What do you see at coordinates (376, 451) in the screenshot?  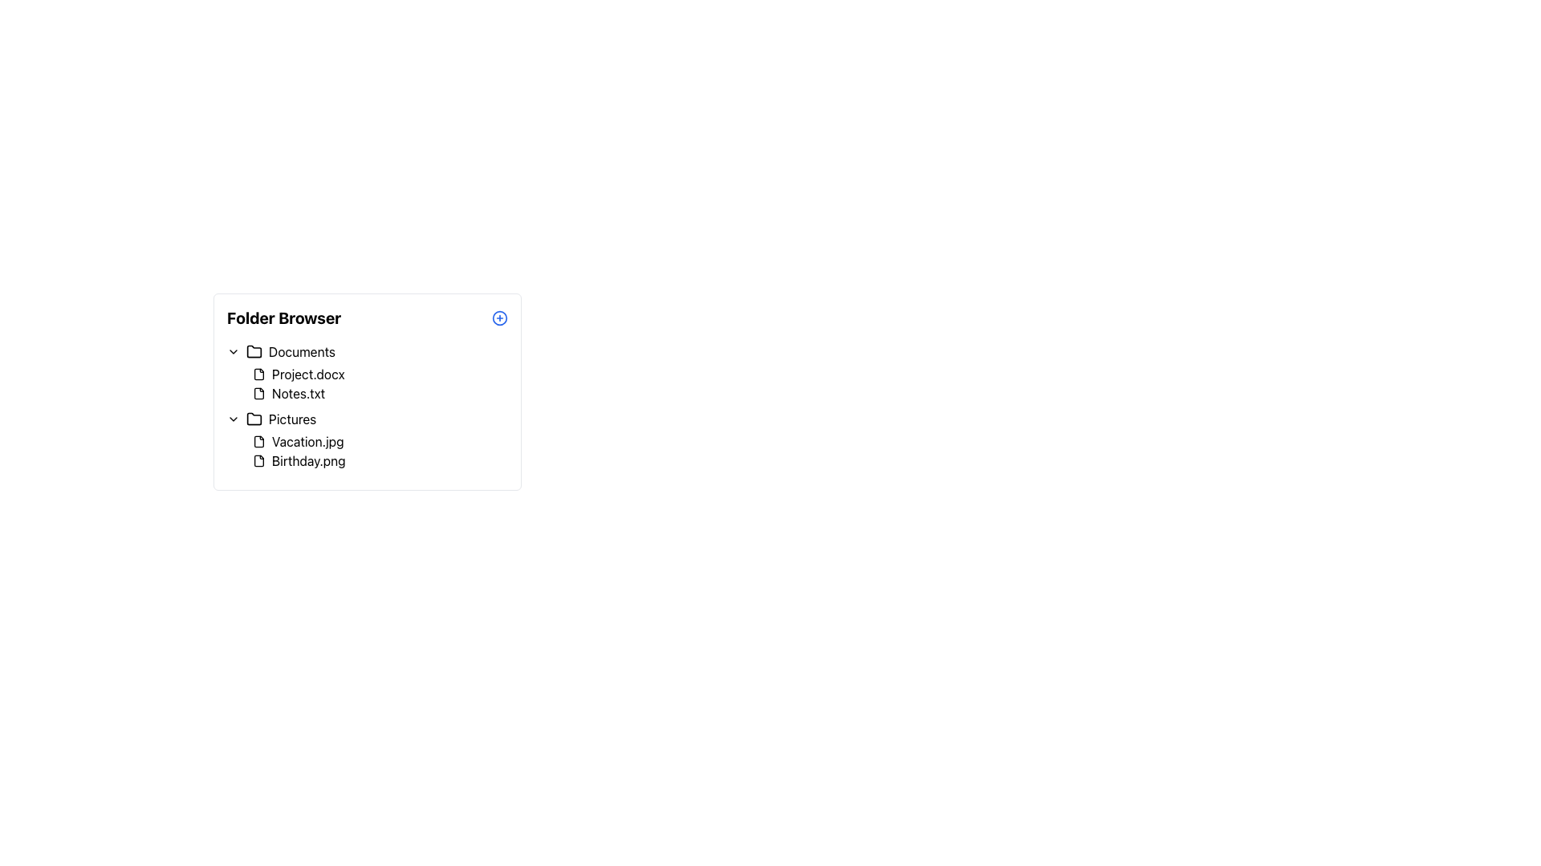 I see `the filenames 'Vacation.jpg' and 'Birthday.png' in the 'Pictures' folder` at bounding box center [376, 451].